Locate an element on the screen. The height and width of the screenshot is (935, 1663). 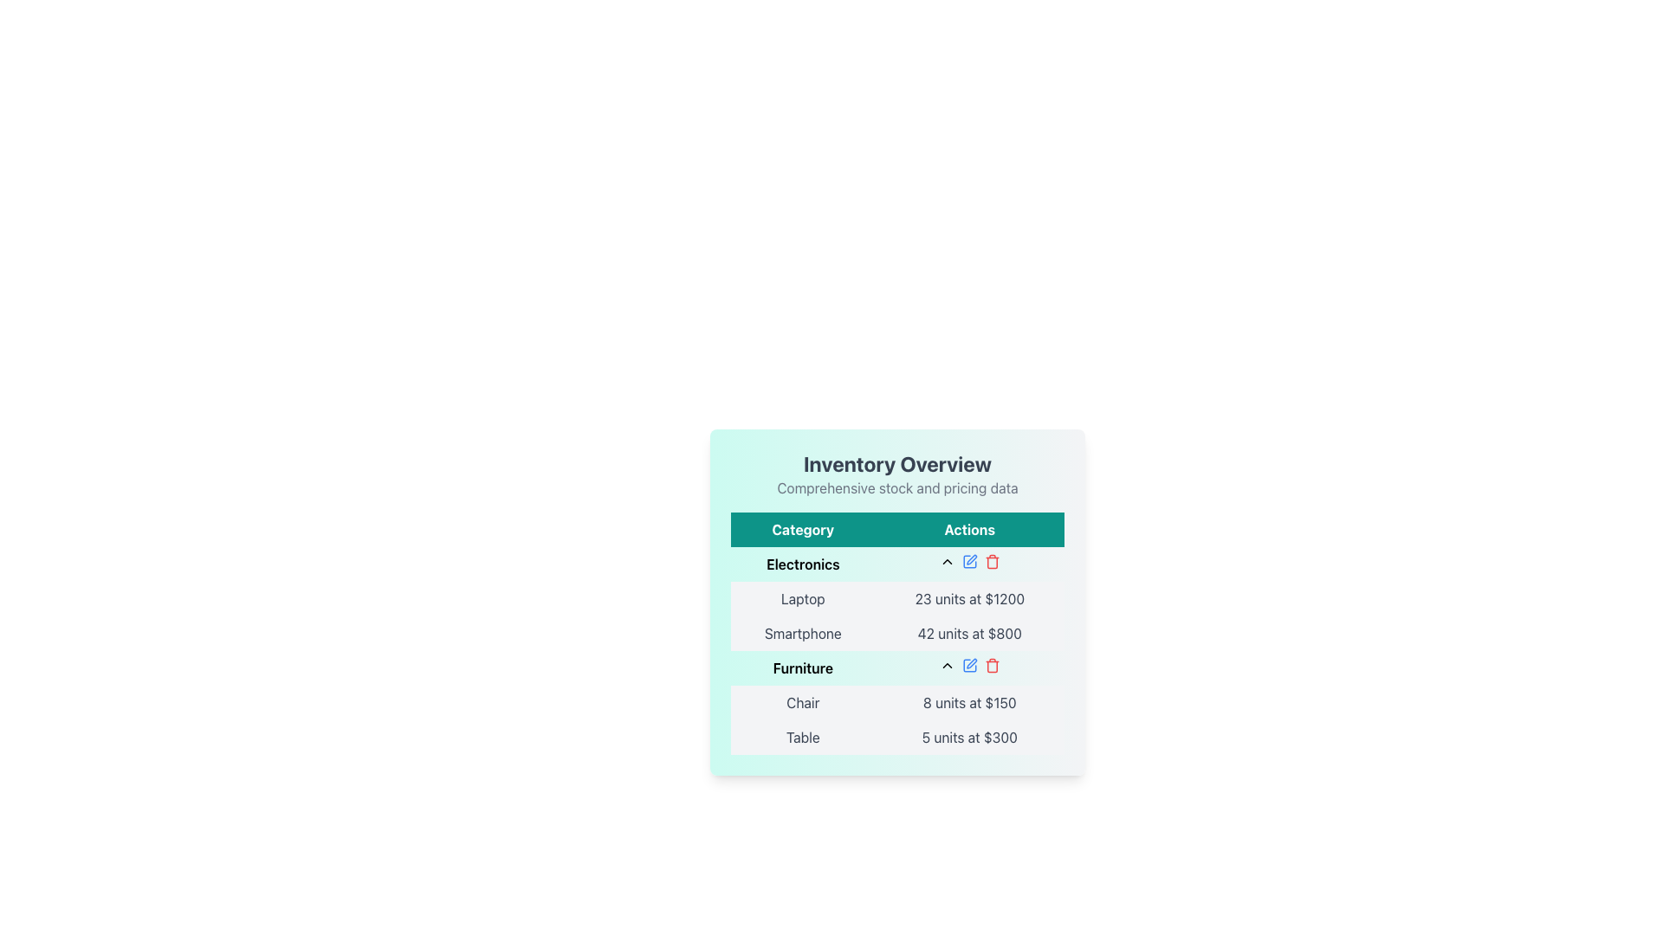
the edit icon button resembling a pen or pencil located in the 'Actions' column of the 'Electronics' section in the 'Inventory Overview' interface is located at coordinates (972, 559).